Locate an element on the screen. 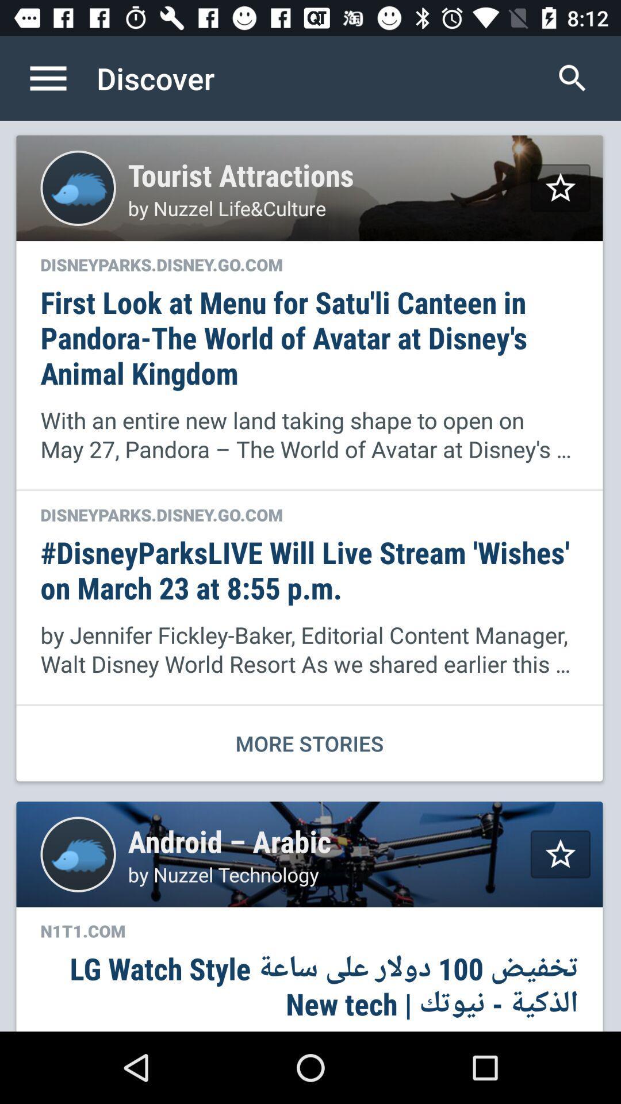 Image resolution: width=621 pixels, height=1104 pixels. this is located at coordinates (560, 854).